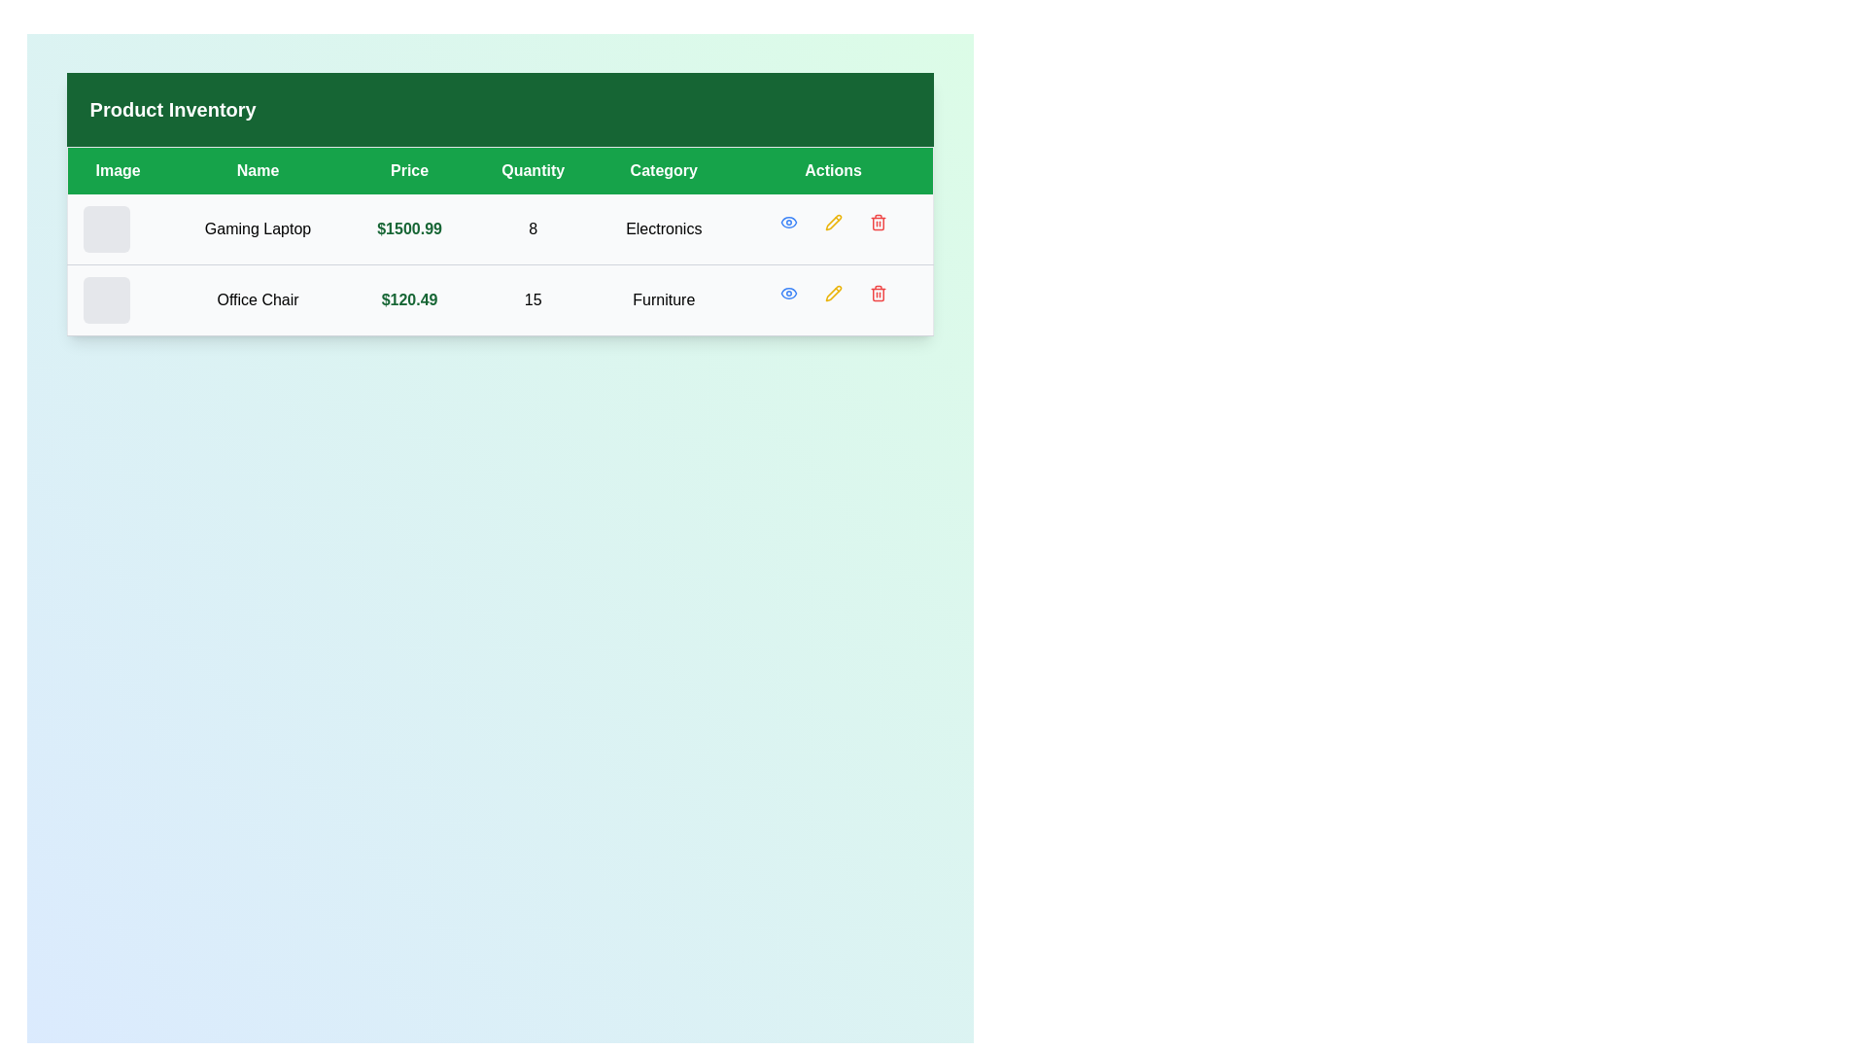 The height and width of the screenshot is (1050, 1866). I want to click on the Text Label that indicates the column for images in the table header, located at the top left corner of the table, so click(117, 169).